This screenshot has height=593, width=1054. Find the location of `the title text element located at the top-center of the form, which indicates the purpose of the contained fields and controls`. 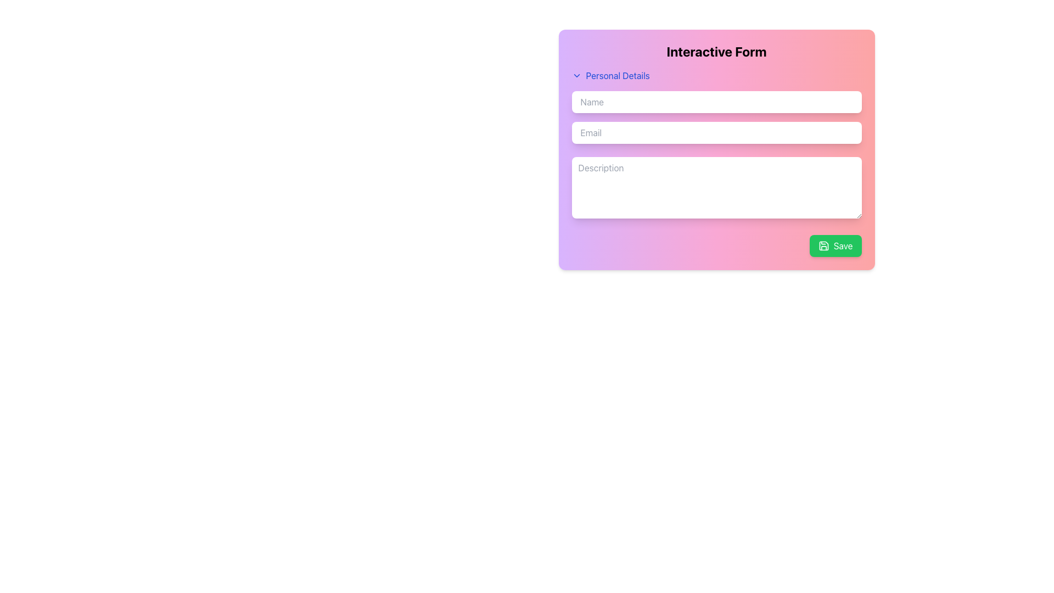

the title text element located at the top-center of the form, which indicates the purpose of the contained fields and controls is located at coordinates (716, 51).